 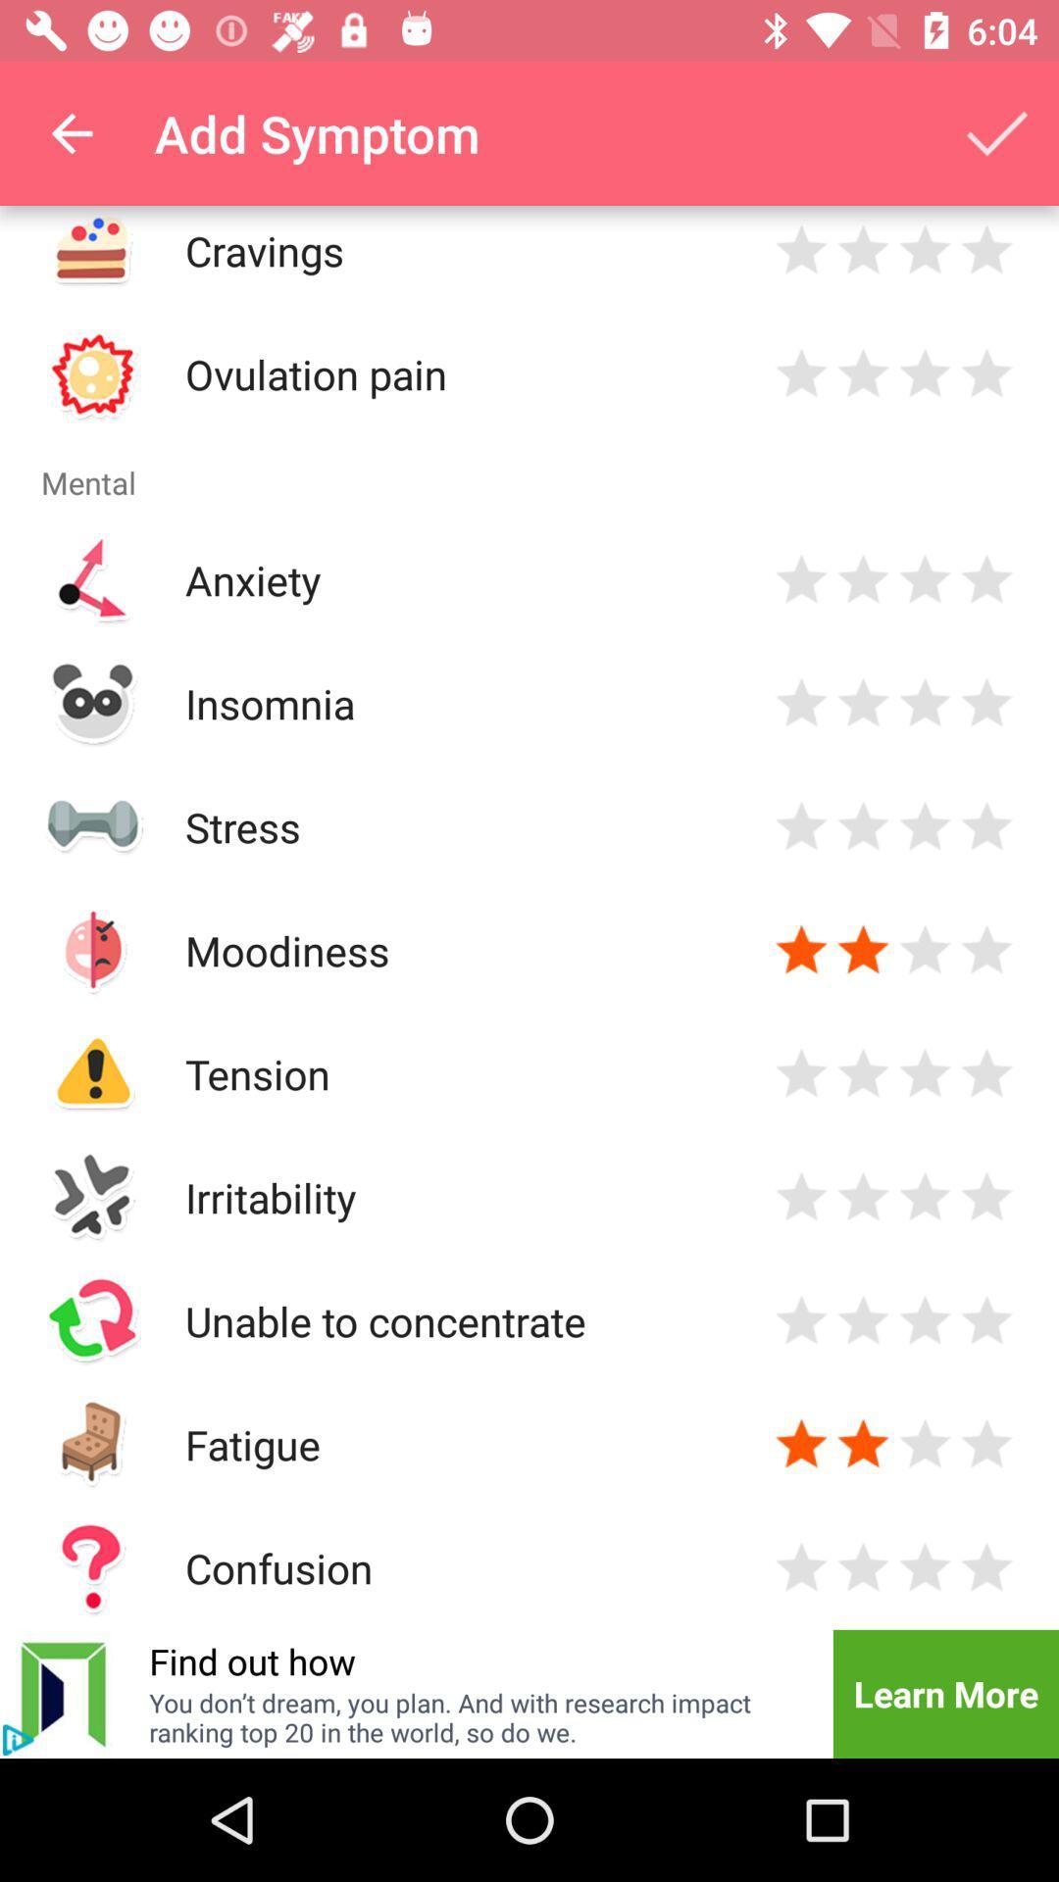 I want to click on star rating, so click(x=986, y=950).